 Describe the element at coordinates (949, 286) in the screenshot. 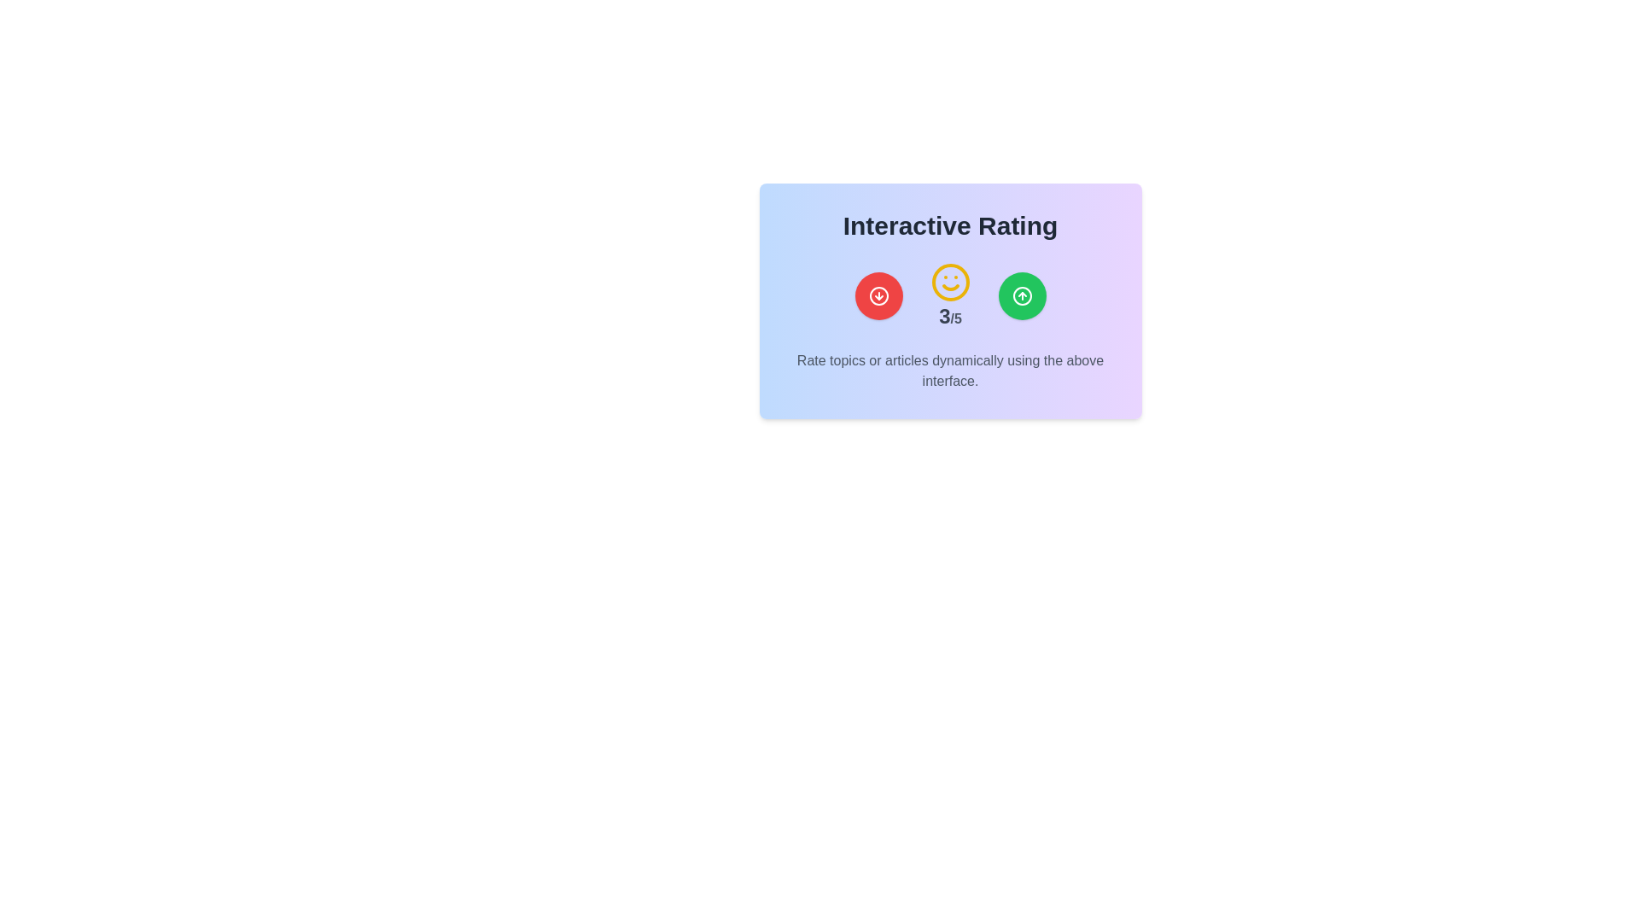

I see `the curved line resembling a smile, which is part of the yellow circular icon representing a smiley face, located centrally in the card interface below the 'Interactive Rating' title` at that location.